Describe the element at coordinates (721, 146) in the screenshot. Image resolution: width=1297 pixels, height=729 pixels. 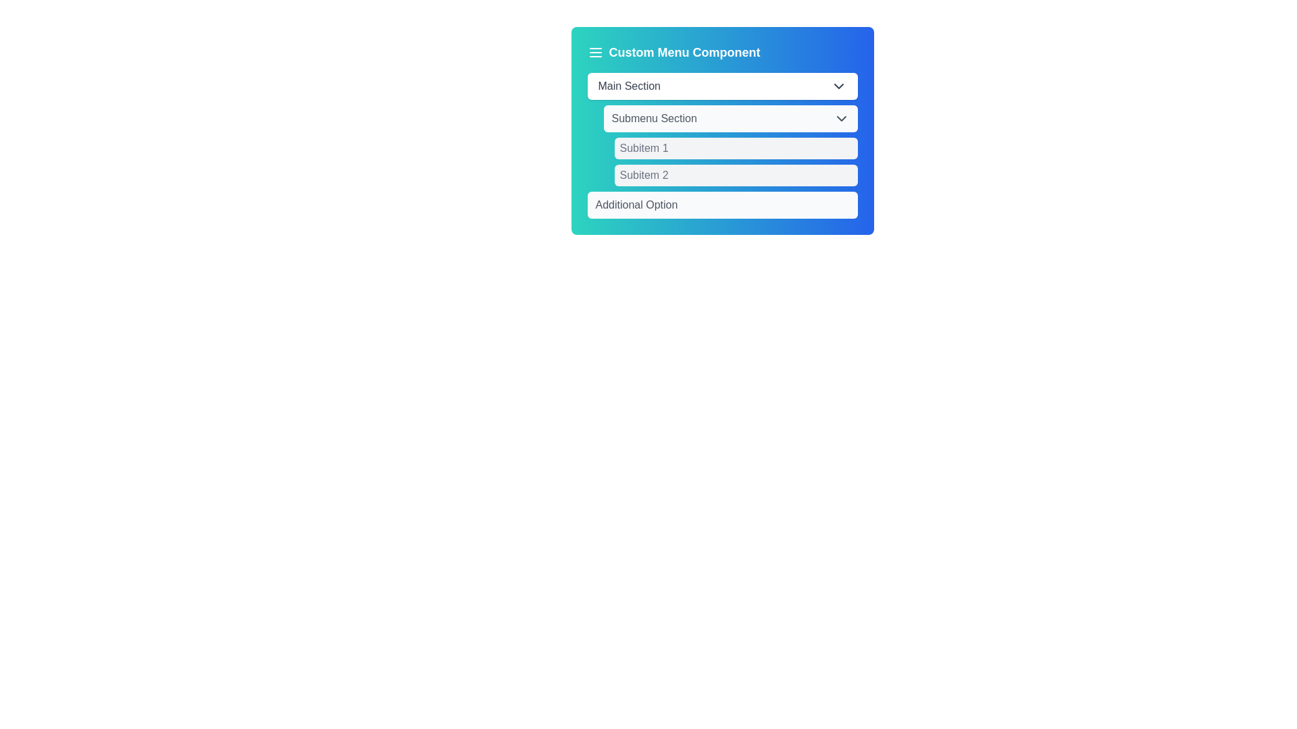
I see `the submenu in the collapsible navigation menu component to expand it` at that location.